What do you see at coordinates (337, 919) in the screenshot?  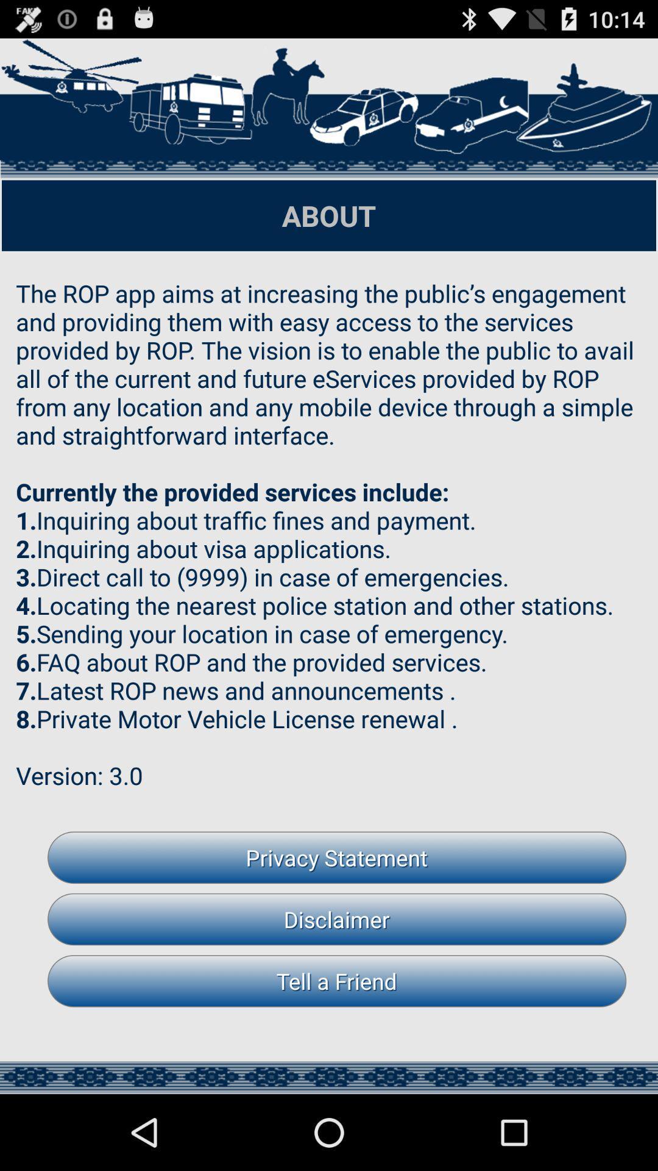 I see `button above the tell a friend icon` at bounding box center [337, 919].